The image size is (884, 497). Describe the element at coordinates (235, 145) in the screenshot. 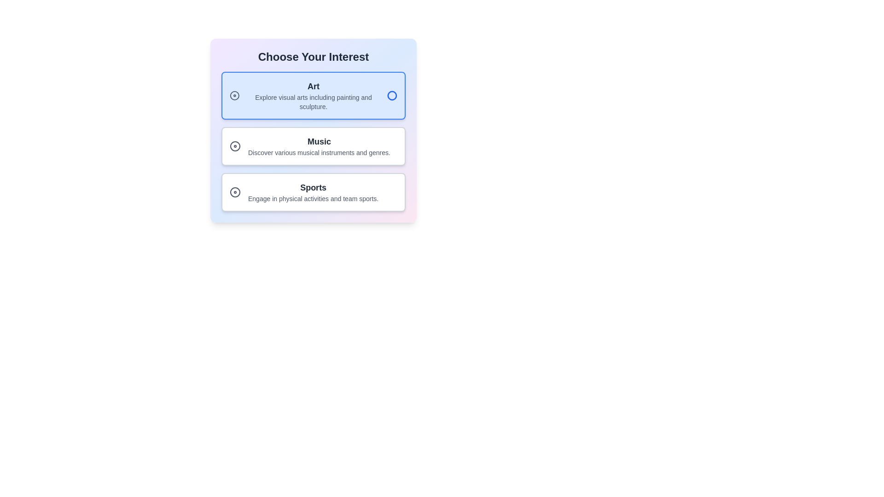

I see `the 'Music' icon located in the second card of the vertical selection list, positioned left of the text 'Music'` at that location.